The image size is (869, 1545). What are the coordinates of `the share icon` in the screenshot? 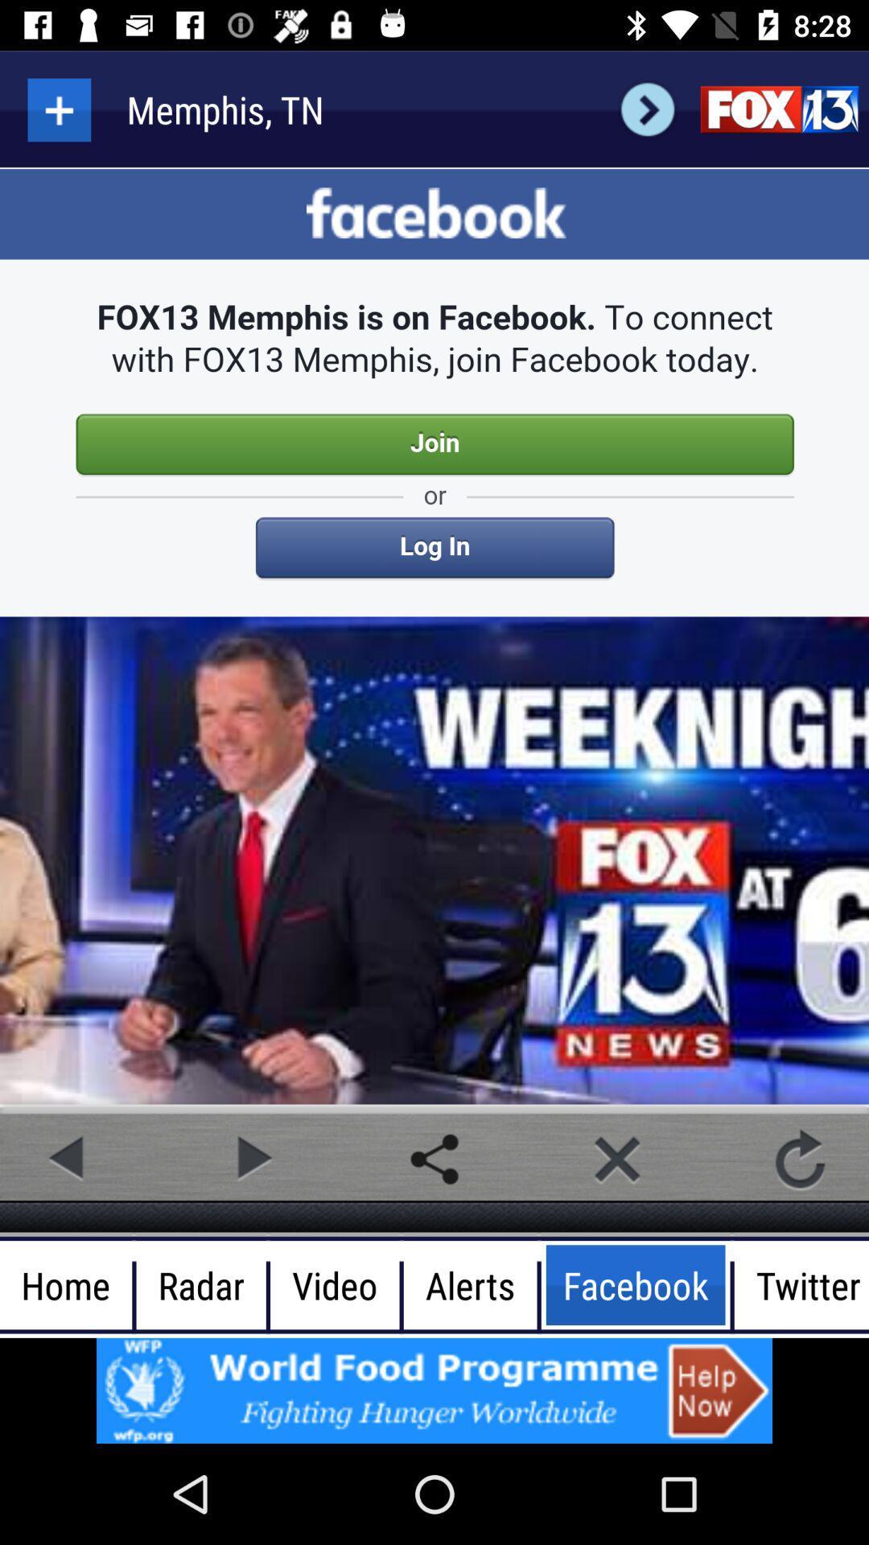 It's located at (434, 1159).